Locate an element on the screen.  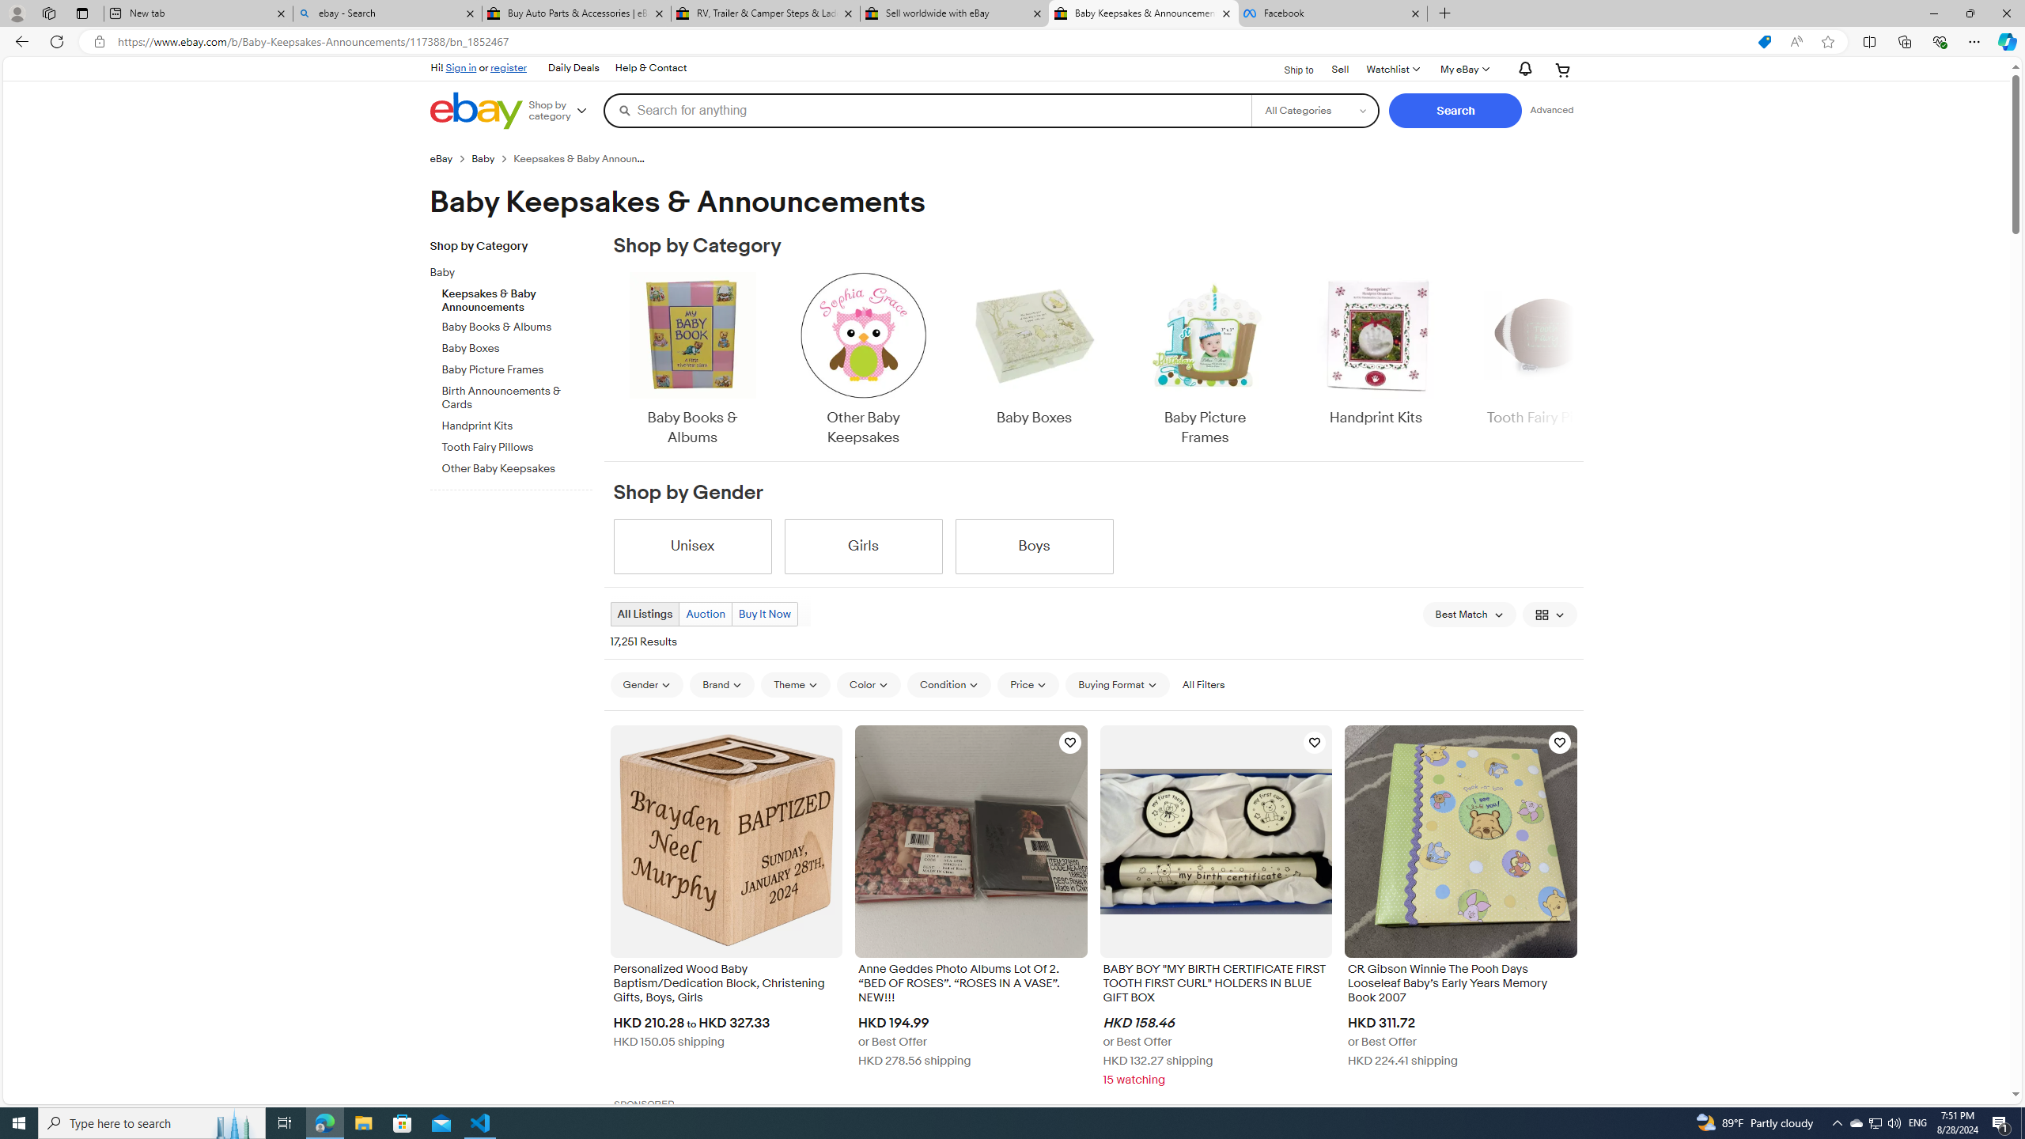
'Ship to' is located at coordinates (1288, 69).